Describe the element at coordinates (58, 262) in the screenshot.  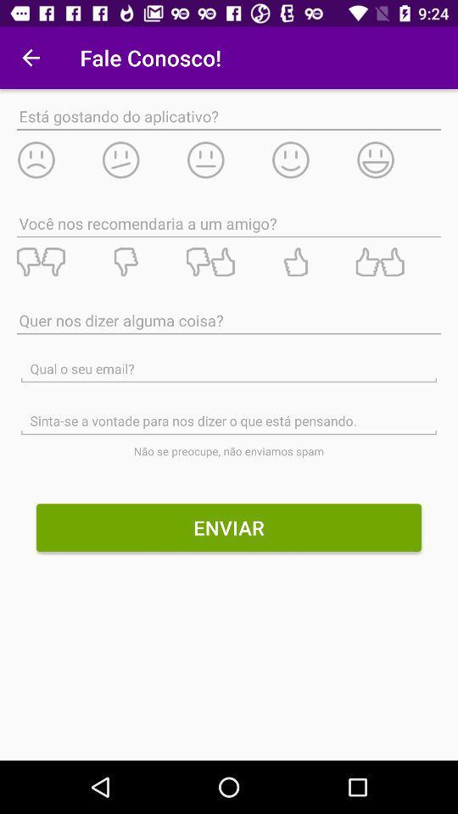
I see `classify our service` at that location.